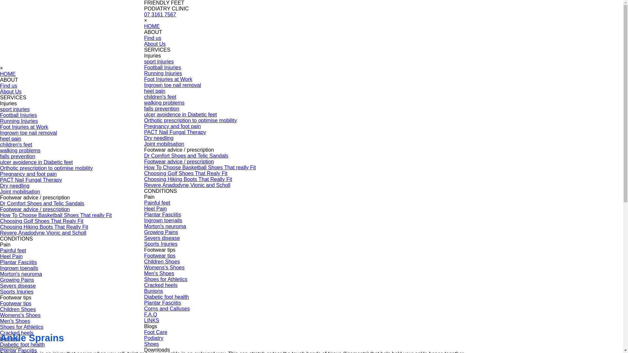 This screenshot has width=628, height=353. I want to click on 'Heel Pain', so click(155, 209).